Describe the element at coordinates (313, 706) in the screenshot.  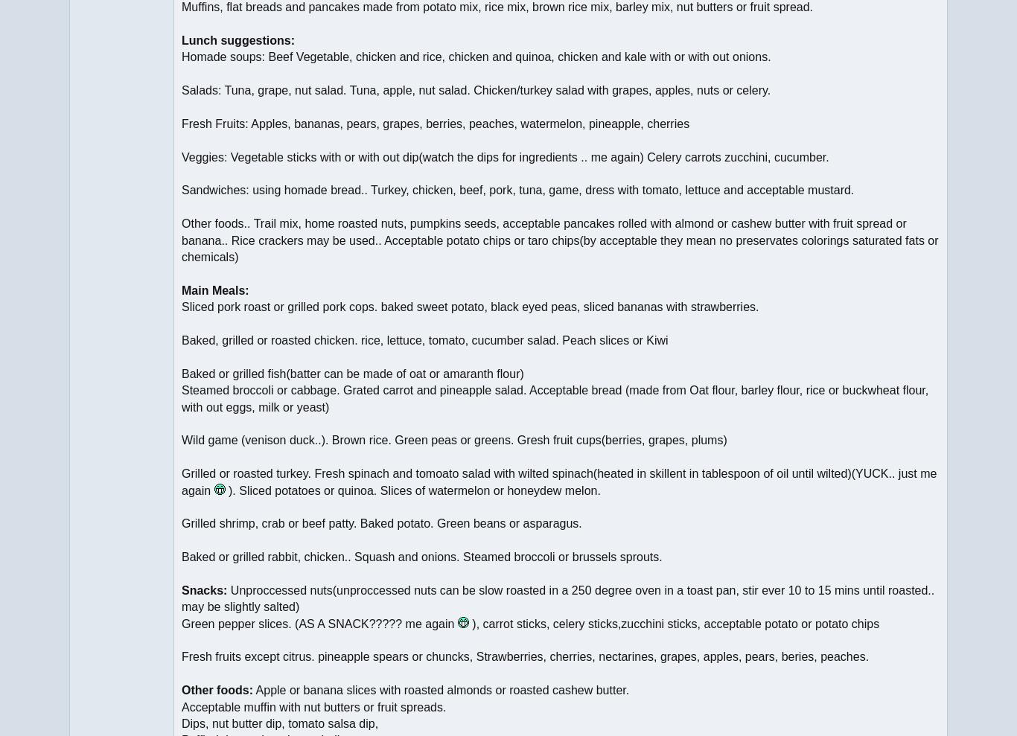
I see `'Acceptable muffin with nut butters or fruit spreads.'` at that location.